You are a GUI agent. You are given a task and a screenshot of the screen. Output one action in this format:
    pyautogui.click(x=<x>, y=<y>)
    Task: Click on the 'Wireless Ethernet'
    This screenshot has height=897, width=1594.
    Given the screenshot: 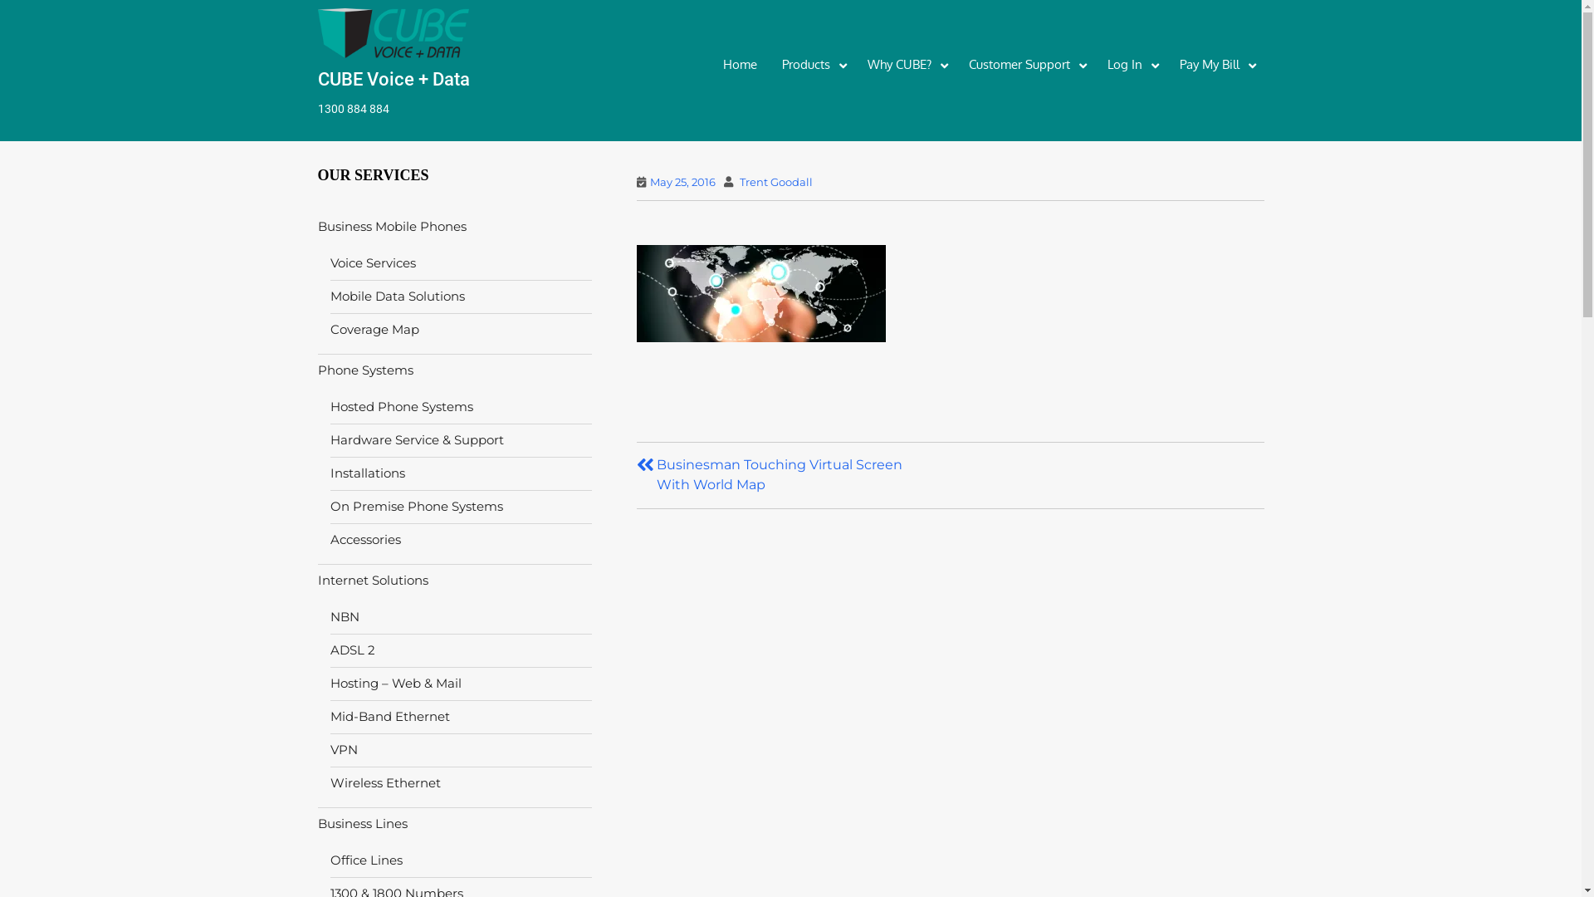 What is the action you would take?
    pyautogui.click(x=330, y=782)
    